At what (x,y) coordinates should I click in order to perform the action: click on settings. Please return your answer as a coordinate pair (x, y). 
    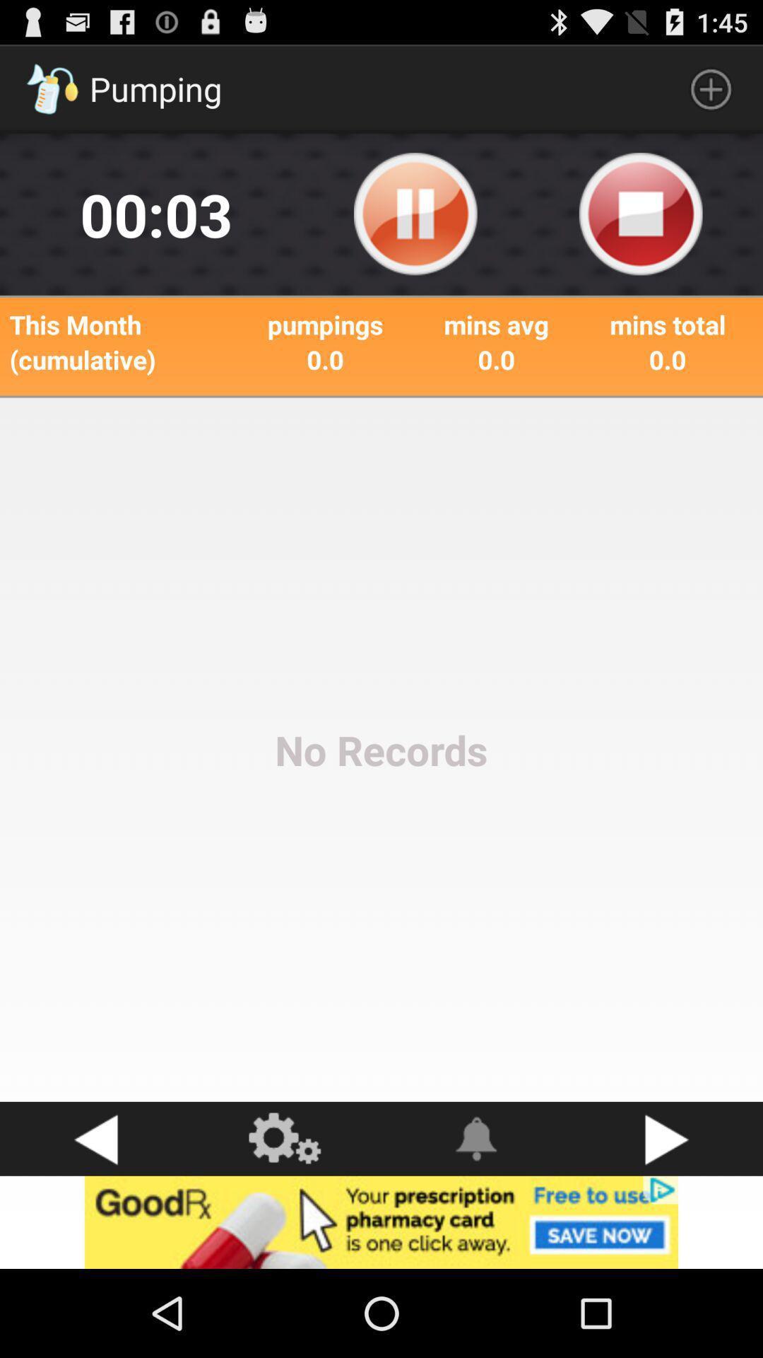
    Looking at the image, I should click on (286, 1139).